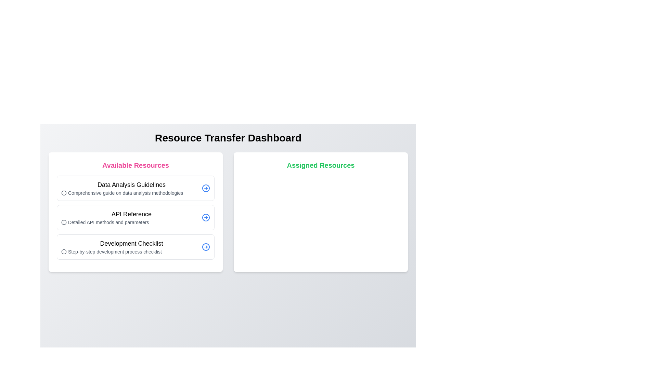  What do you see at coordinates (64, 193) in the screenshot?
I see `the information icon located to the left of the text 'Comprehensive guide on data analysis methodologies' in the list item titled 'Data Analysis Guidelines' under the 'Available Resources' section` at bounding box center [64, 193].